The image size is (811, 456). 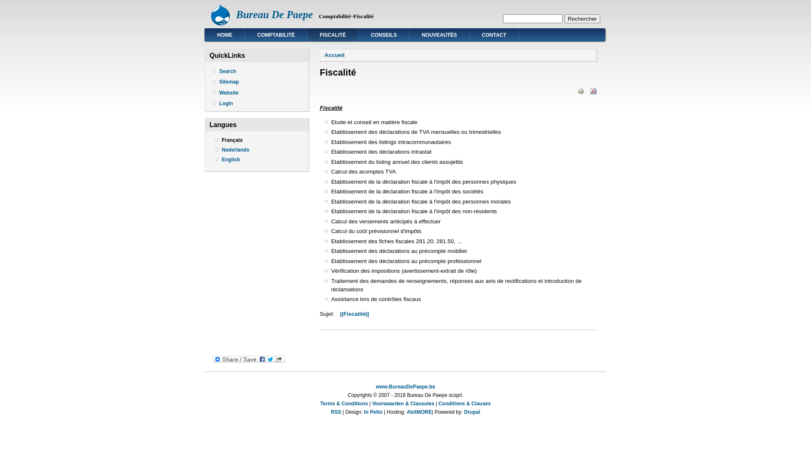 What do you see at coordinates (592, 91) in the screenshot?
I see `'version PDF'` at bounding box center [592, 91].